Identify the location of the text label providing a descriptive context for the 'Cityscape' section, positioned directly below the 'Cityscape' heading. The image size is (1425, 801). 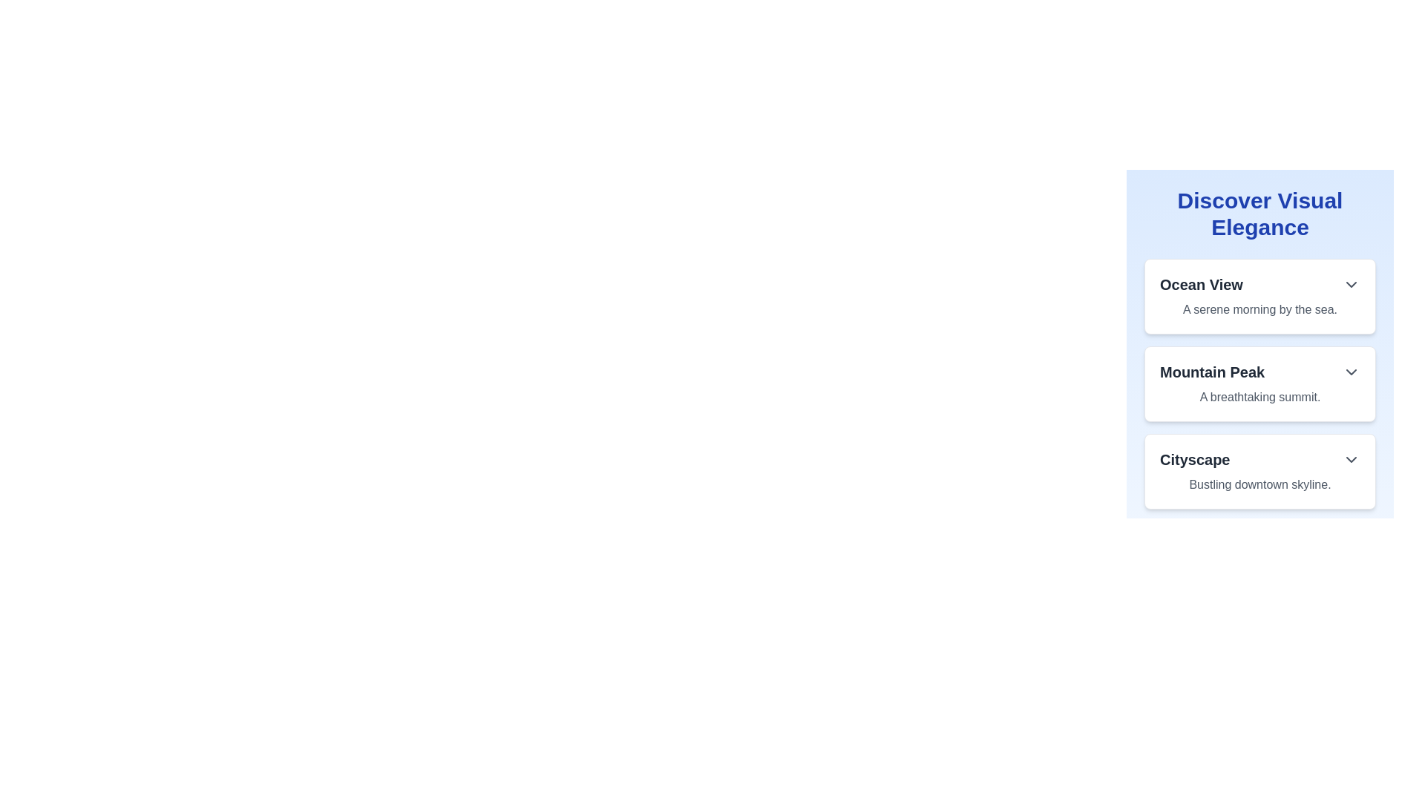
(1259, 485).